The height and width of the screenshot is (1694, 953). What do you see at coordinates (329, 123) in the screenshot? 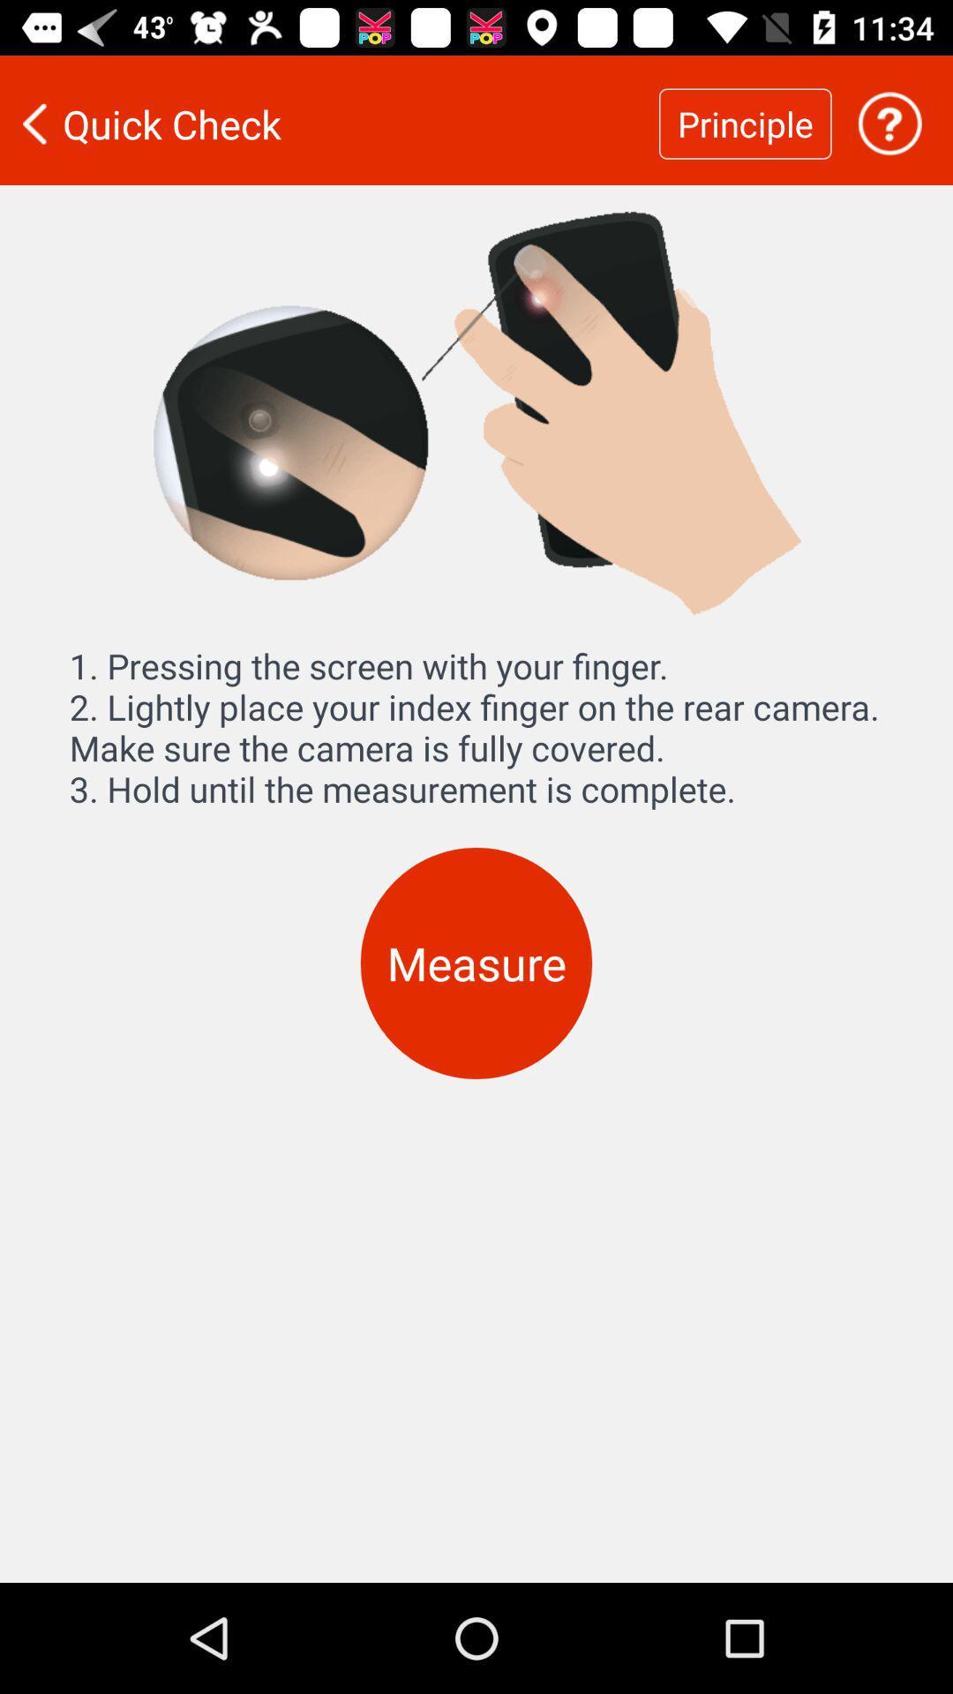
I see `quick check` at bounding box center [329, 123].